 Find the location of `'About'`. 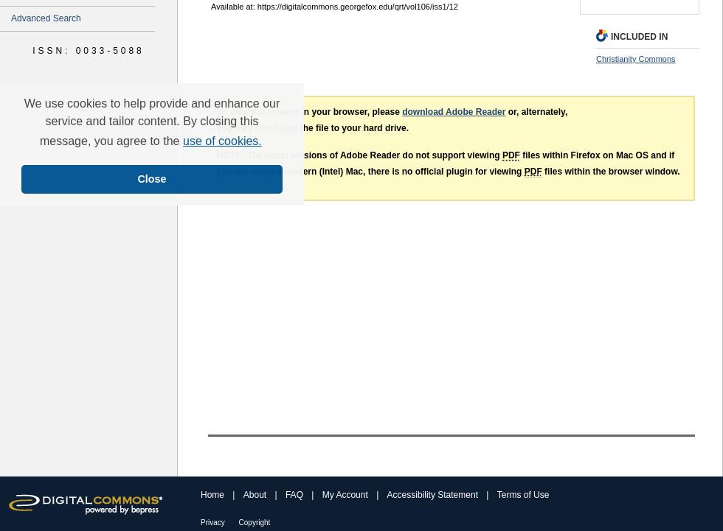

'About' is located at coordinates (242, 493).